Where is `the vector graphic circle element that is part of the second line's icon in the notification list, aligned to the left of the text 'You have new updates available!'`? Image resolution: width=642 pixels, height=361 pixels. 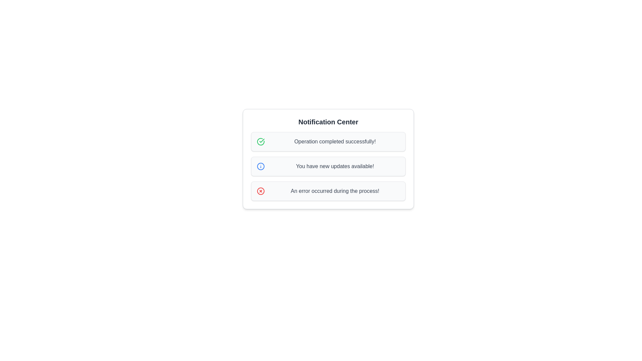 the vector graphic circle element that is part of the second line's icon in the notification list, aligned to the left of the text 'You have new updates available!' is located at coordinates (260, 166).